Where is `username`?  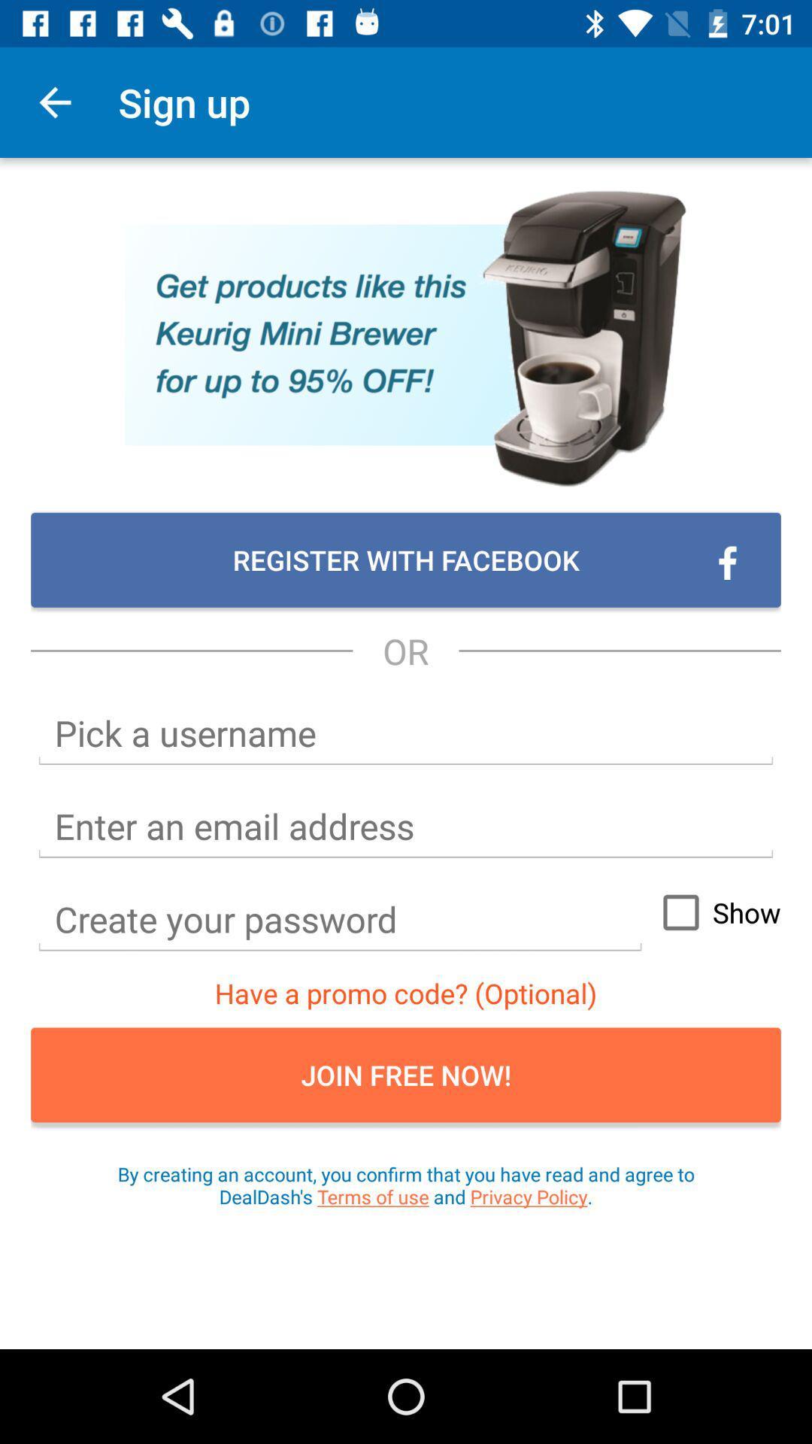 username is located at coordinates (406, 733).